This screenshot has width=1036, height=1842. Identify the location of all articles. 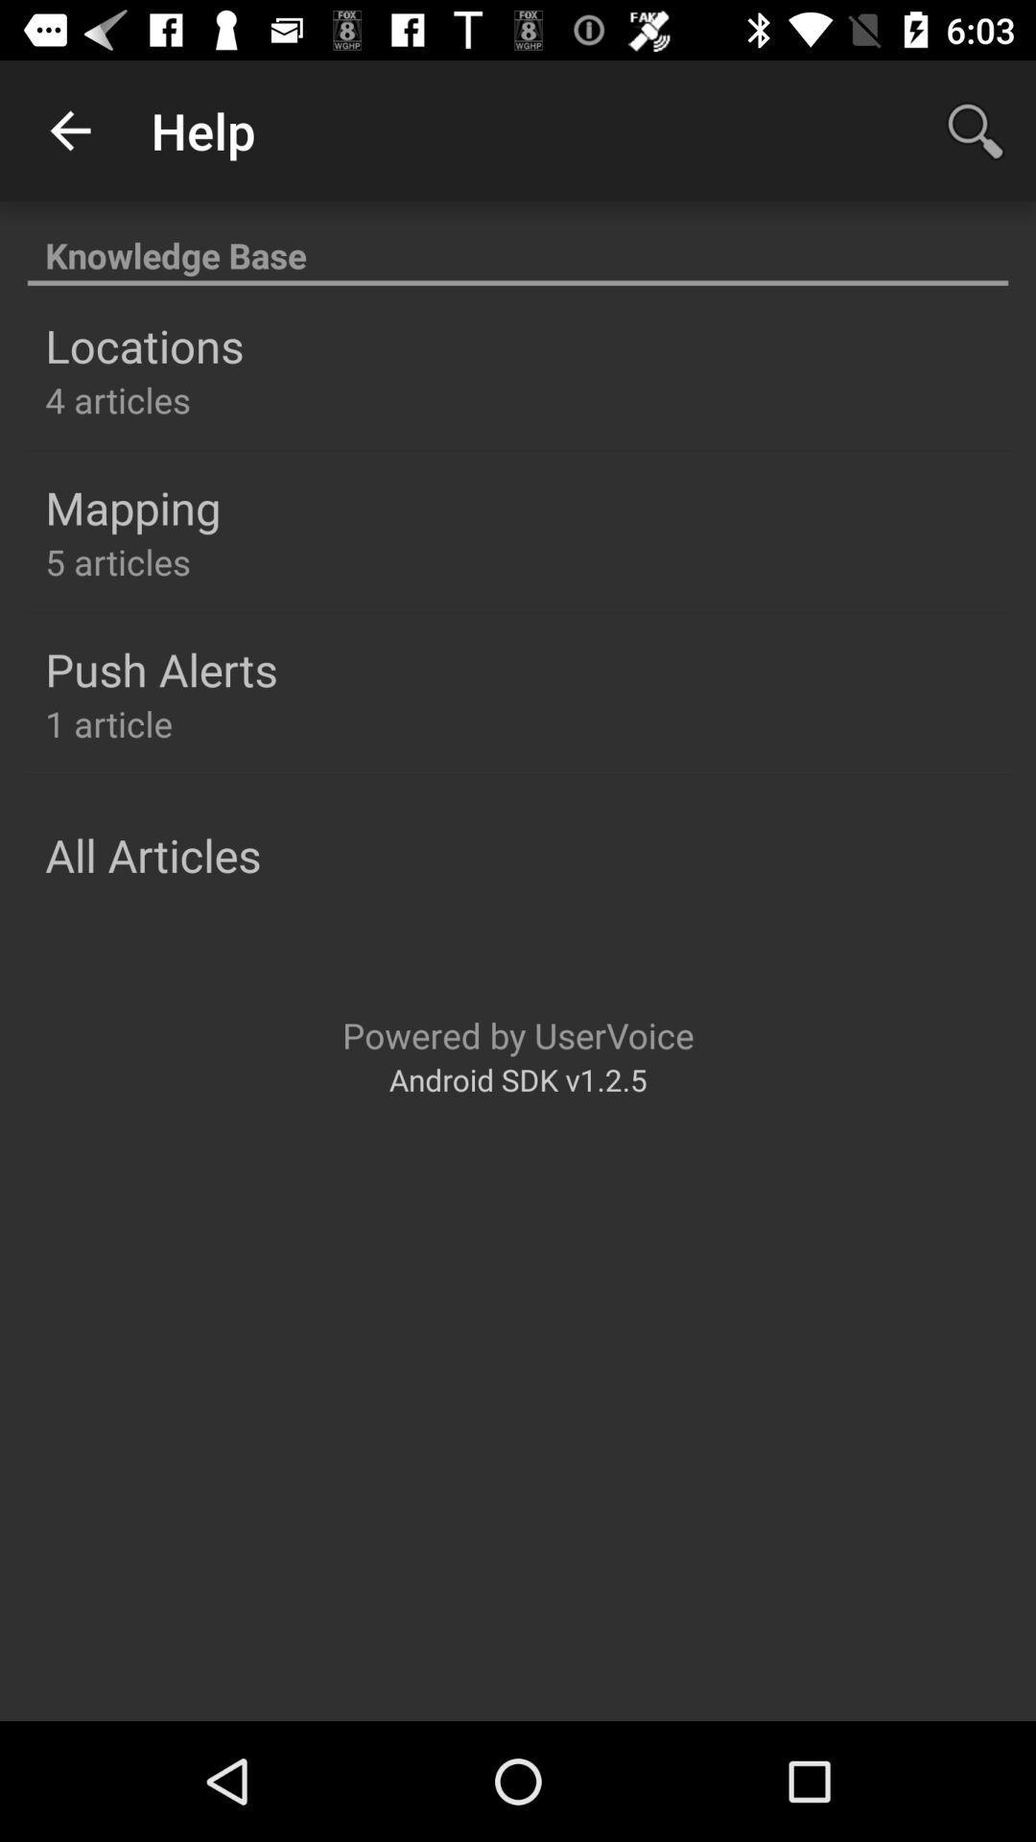
(152, 854).